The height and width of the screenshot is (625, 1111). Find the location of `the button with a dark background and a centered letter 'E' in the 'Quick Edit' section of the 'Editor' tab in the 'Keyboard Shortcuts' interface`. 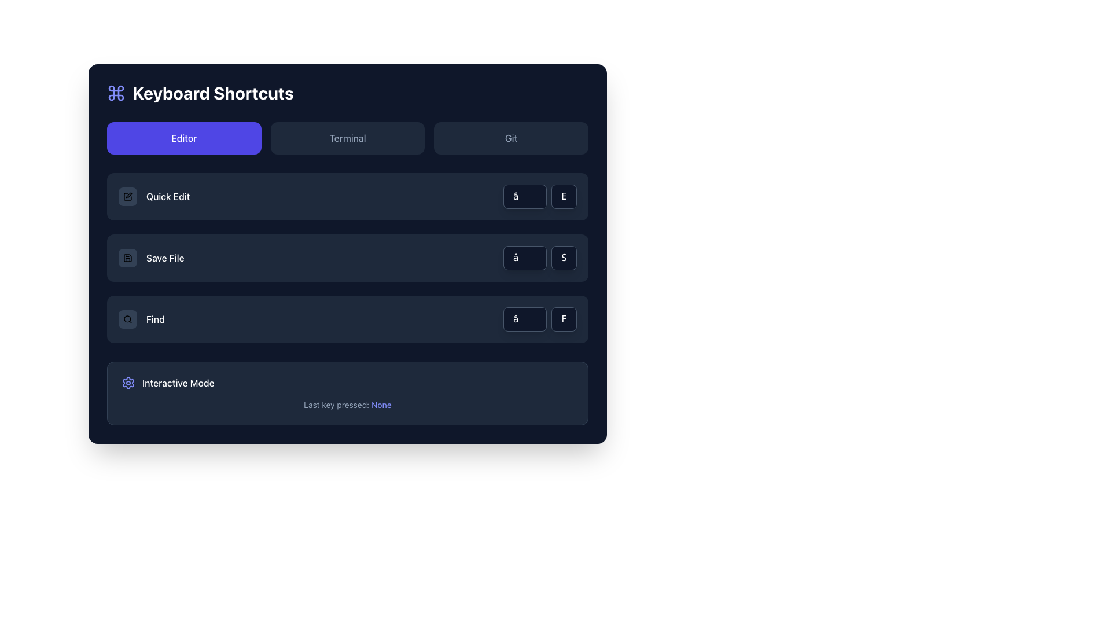

the button with a dark background and a centered letter 'E' in the 'Quick Edit' section of the 'Editor' tab in the 'Keyboard Shortcuts' interface is located at coordinates (564, 196).